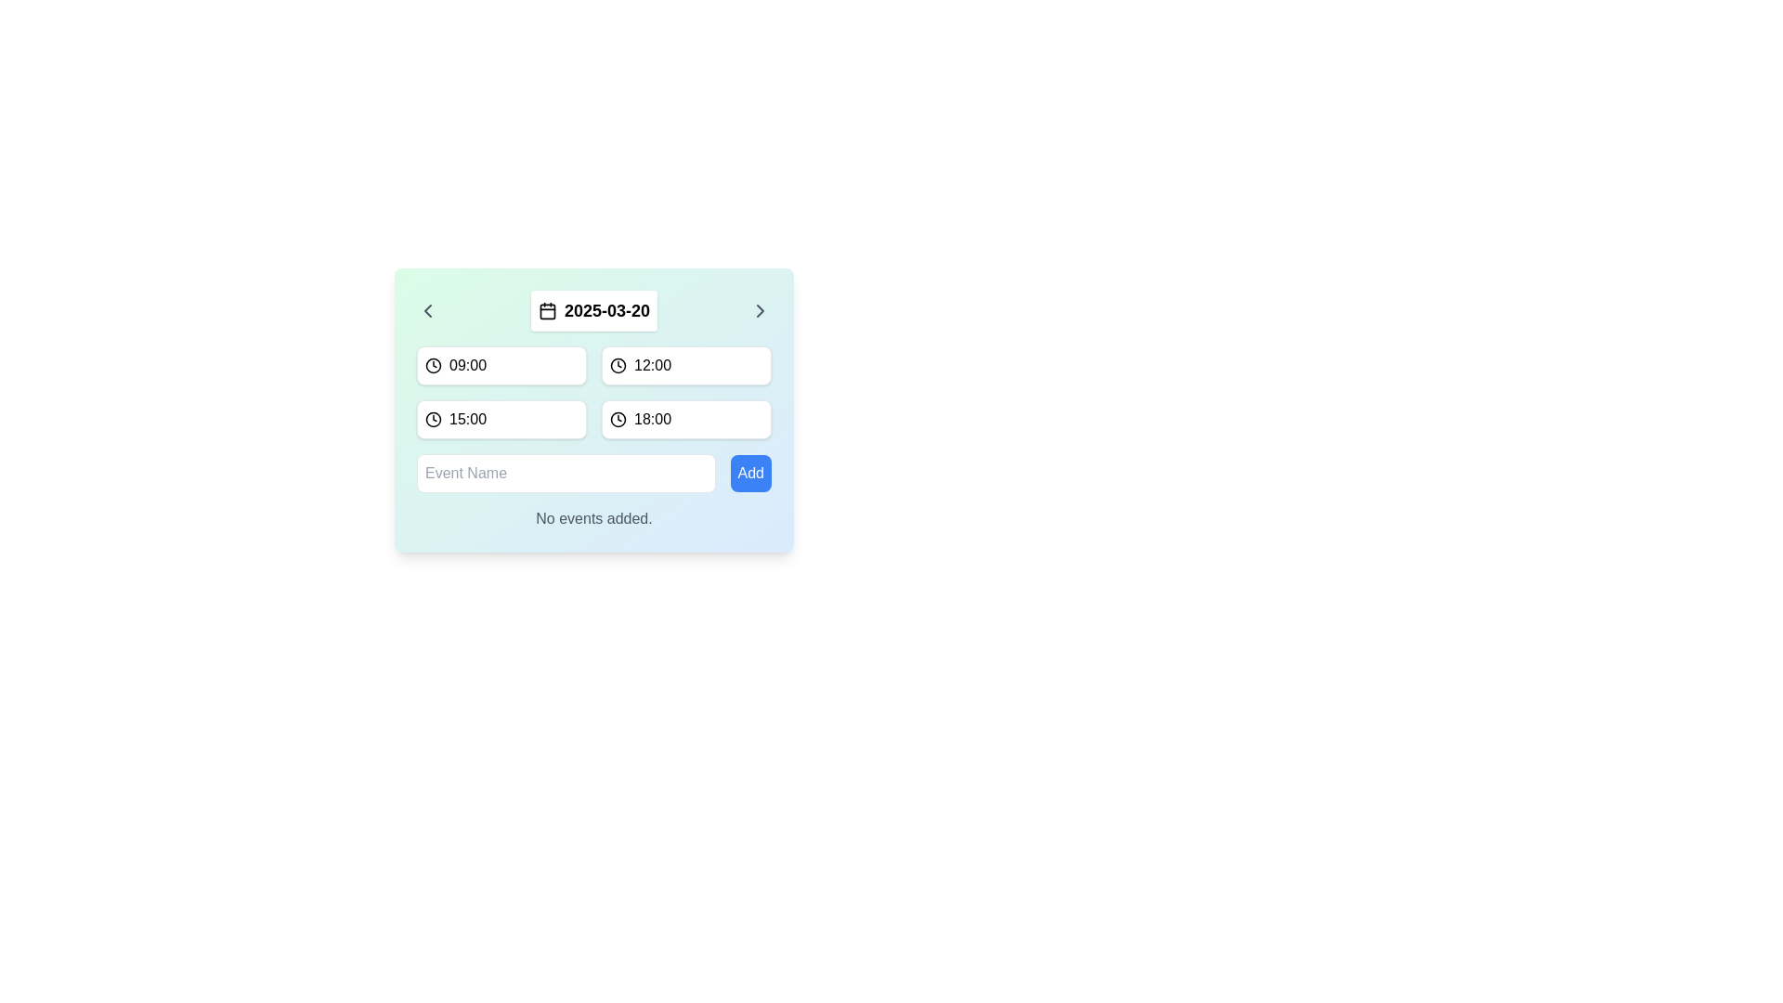 The image size is (1783, 1003). Describe the element at coordinates (618, 419) in the screenshot. I see `the circular part of the clock icon located to the left of the time '18:00' in the bottom-right corner of the interface` at that location.